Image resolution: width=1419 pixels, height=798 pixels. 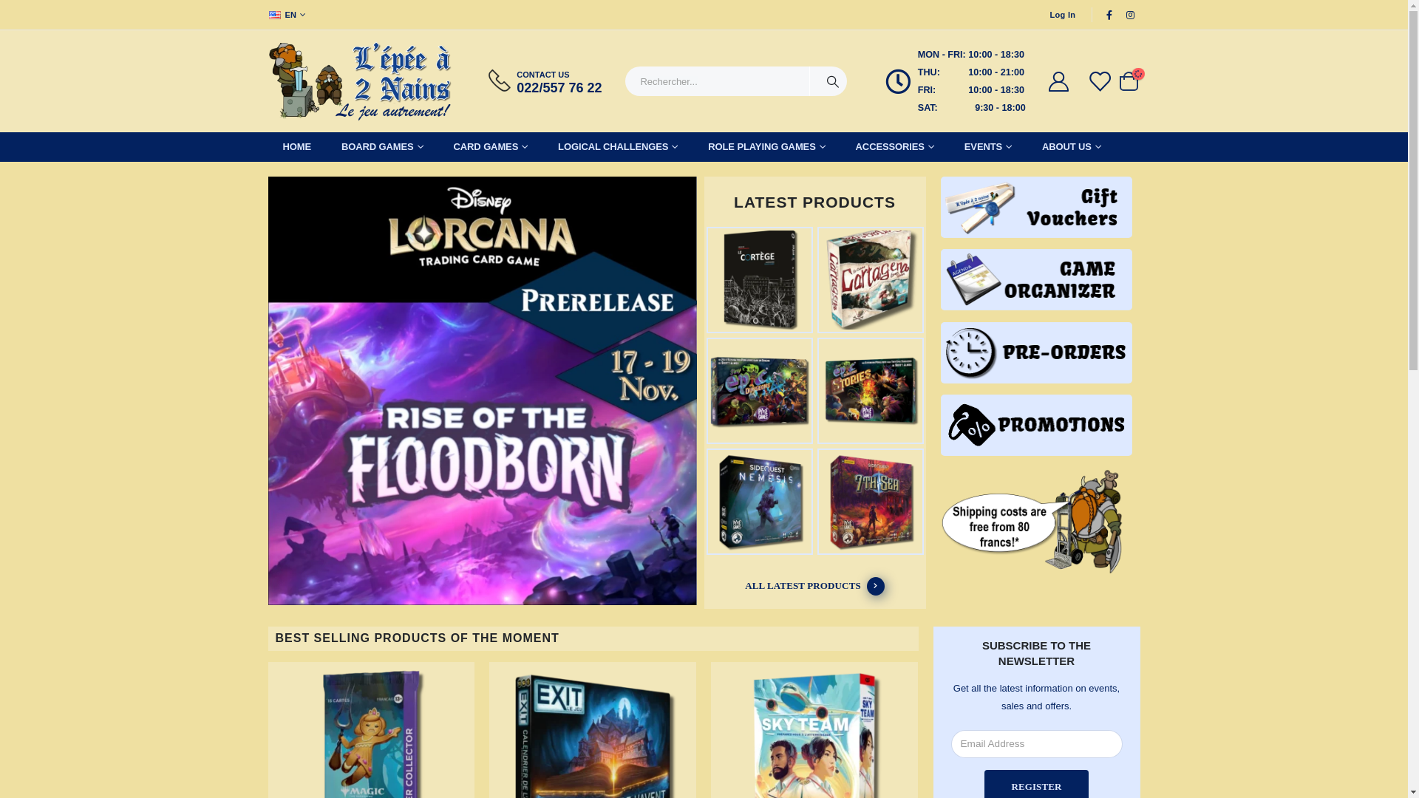 What do you see at coordinates (939, 521) in the screenshot?
I see `'frais-de-ports_en'` at bounding box center [939, 521].